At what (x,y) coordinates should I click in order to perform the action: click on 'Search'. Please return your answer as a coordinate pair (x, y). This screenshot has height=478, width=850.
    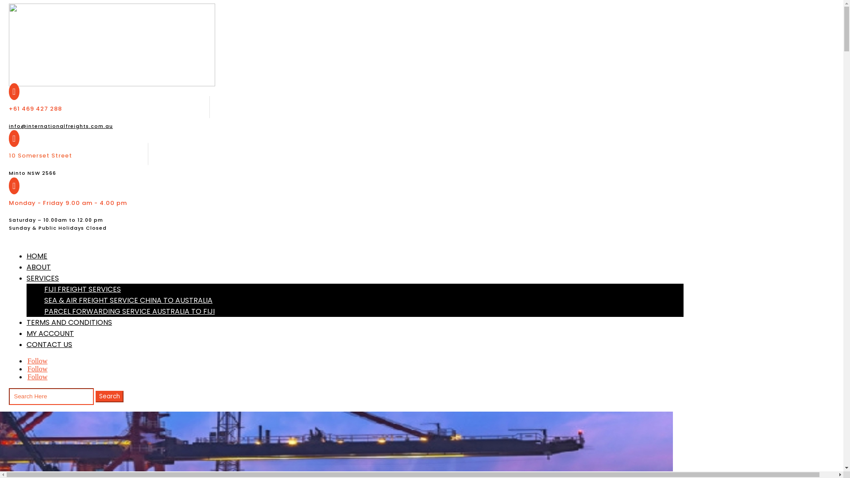
    Looking at the image, I should click on (96, 396).